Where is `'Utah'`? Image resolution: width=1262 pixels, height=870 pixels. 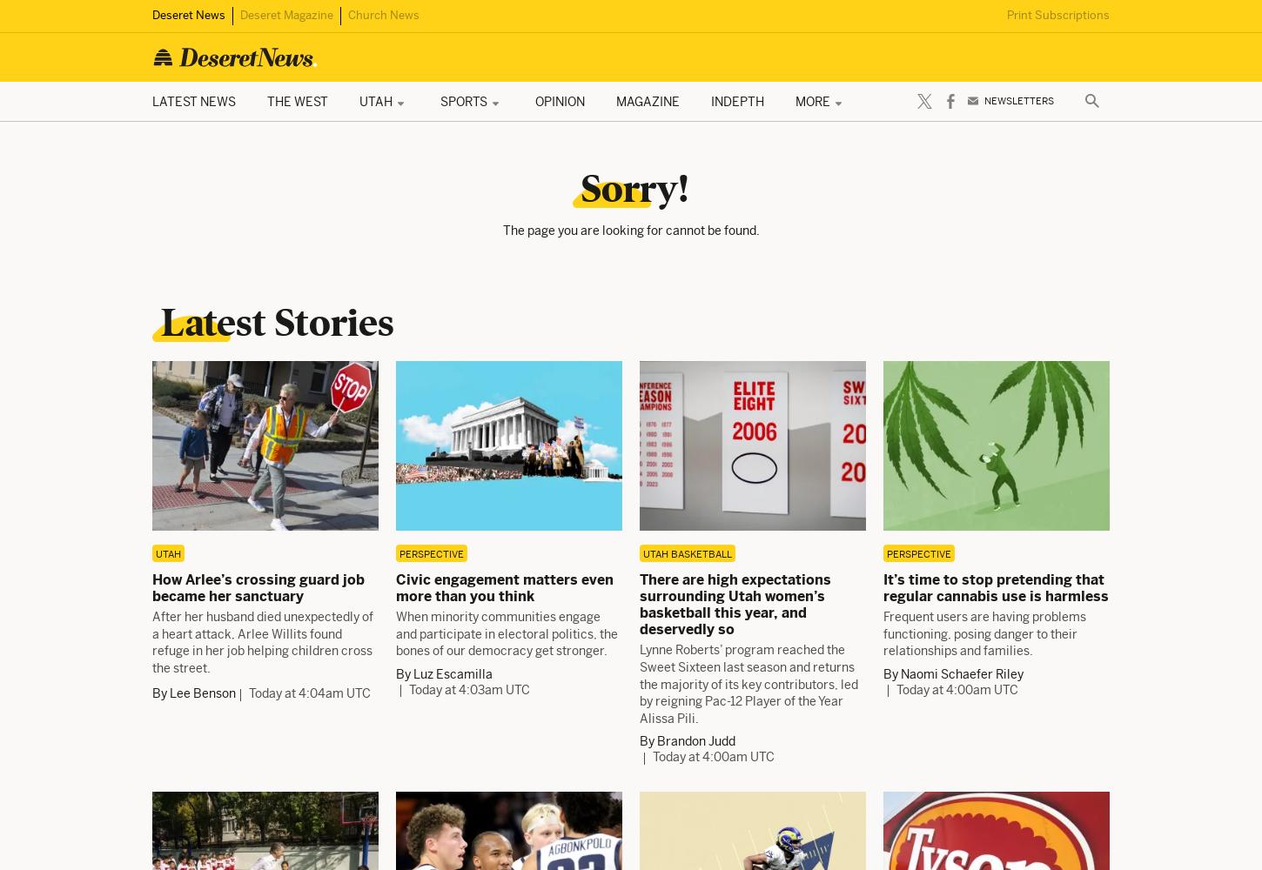 'Utah' is located at coordinates (167, 553).